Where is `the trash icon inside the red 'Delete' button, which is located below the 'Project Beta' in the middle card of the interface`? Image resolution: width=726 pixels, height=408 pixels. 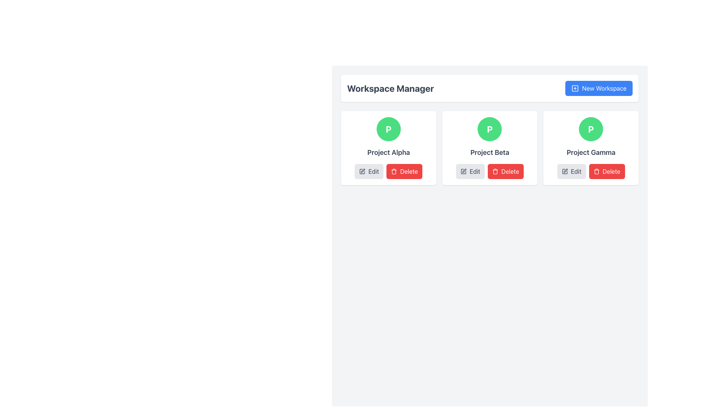 the trash icon inside the red 'Delete' button, which is located below the 'Project Beta' in the middle card of the interface is located at coordinates (495, 172).